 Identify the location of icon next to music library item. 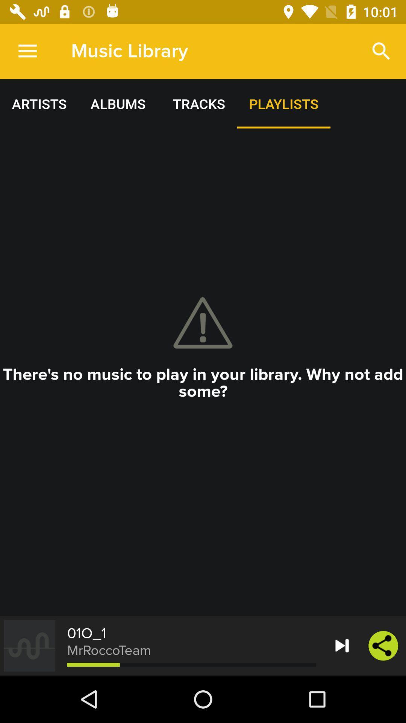
(381, 51).